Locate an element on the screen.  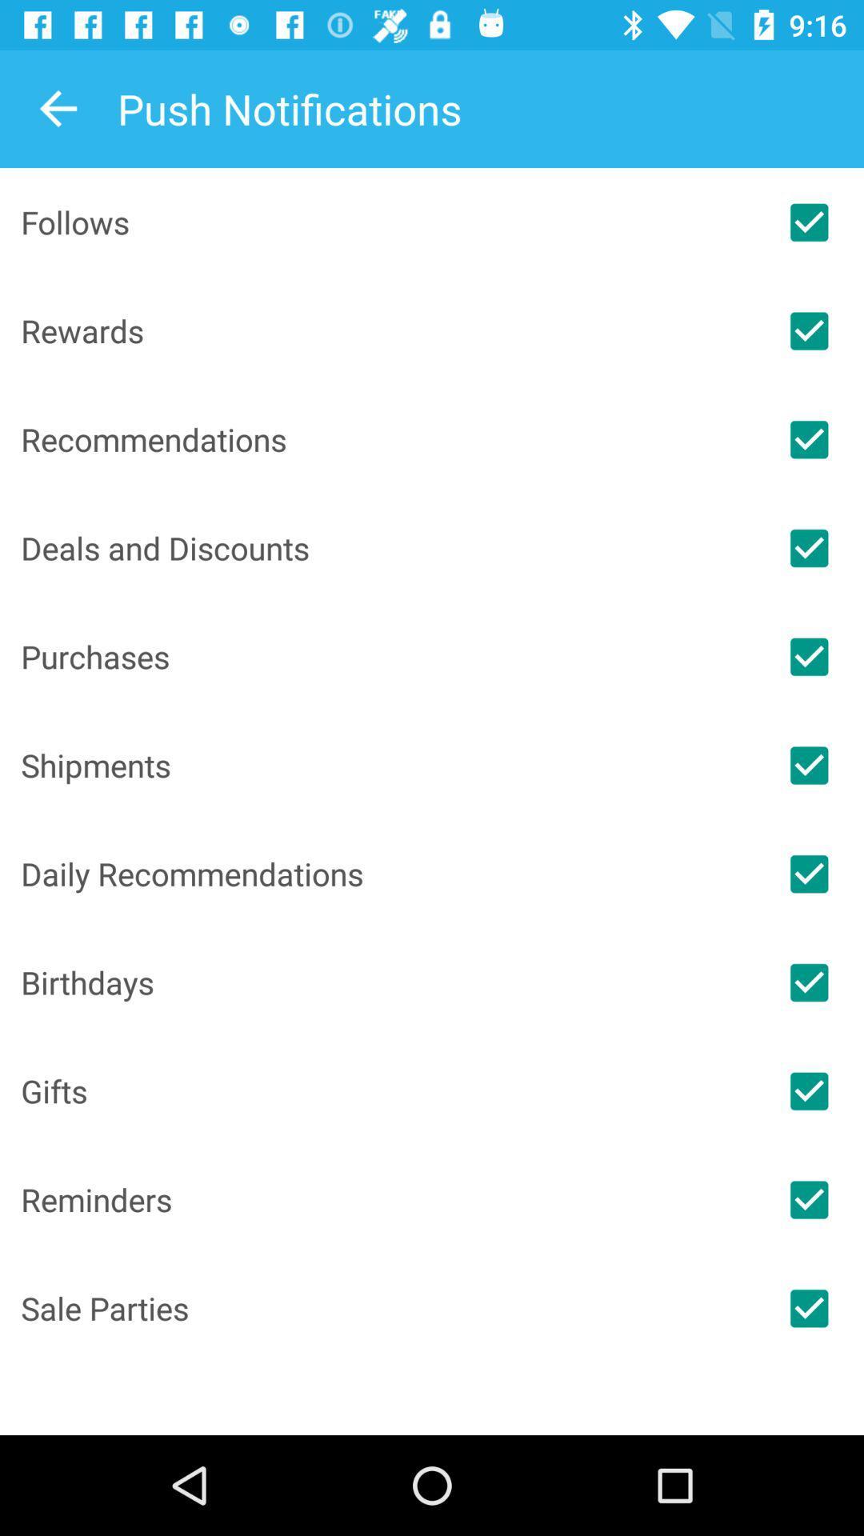
the icon to the left of the push notifications icon is located at coordinates (58, 108).